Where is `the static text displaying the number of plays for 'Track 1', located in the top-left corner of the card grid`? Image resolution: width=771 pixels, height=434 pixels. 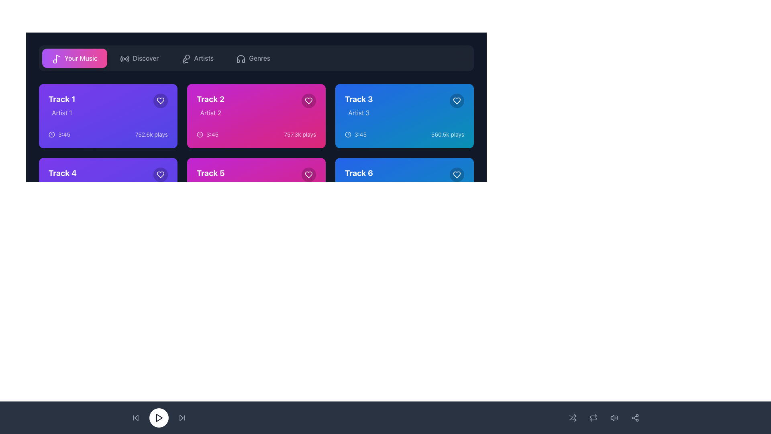
the static text displaying the number of plays for 'Track 1', located in the top-left corner of the card grid is located at coordinates (151, 134).